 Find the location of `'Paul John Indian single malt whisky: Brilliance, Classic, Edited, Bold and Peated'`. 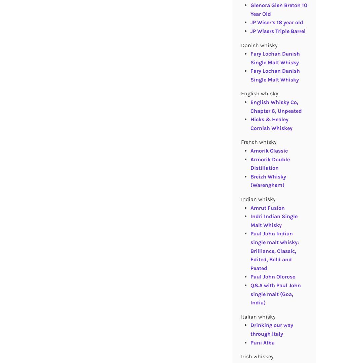

'Paul John Indian single malt whisky: Brilliance, Classic, Edited, Bold and Peated' is located at coordinates (274, 251).